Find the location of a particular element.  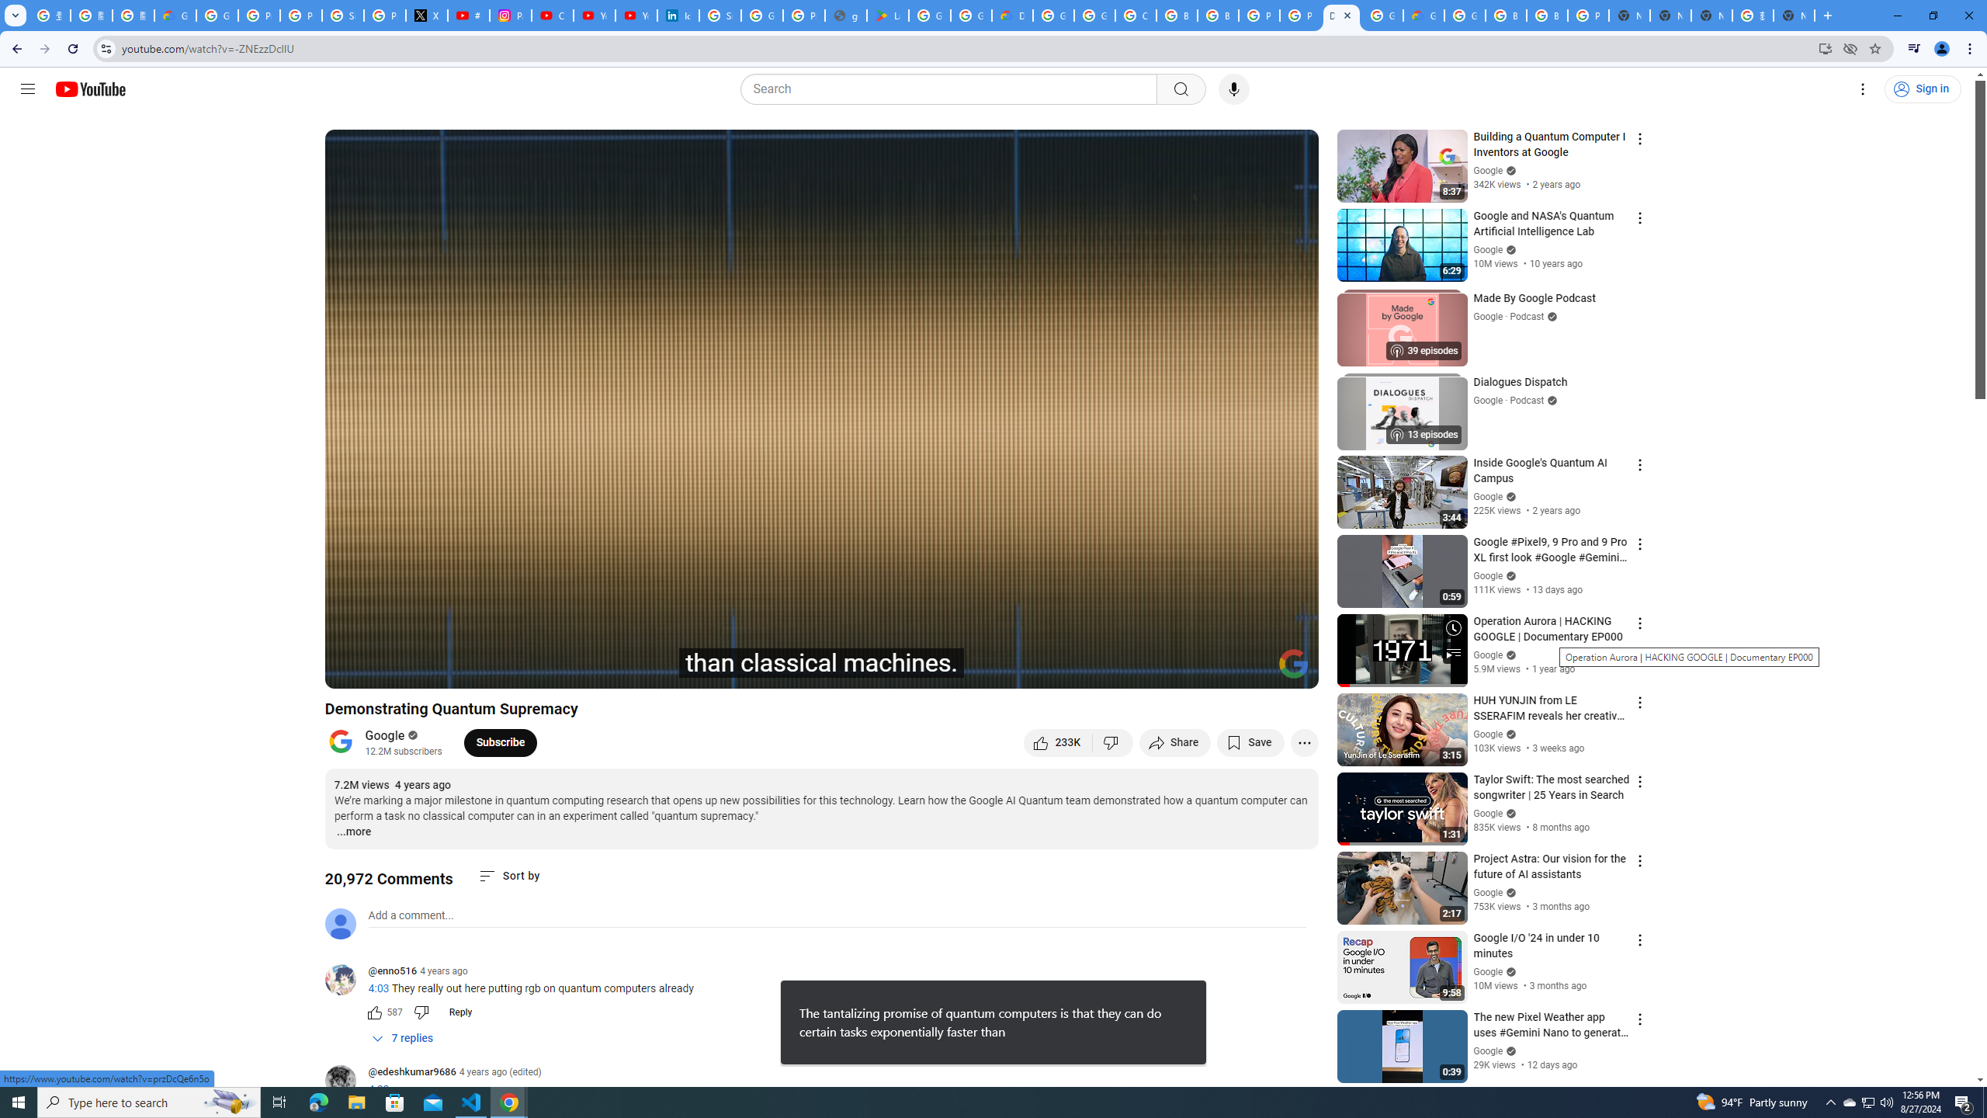

'Channel watermark' is located at coordinates (1293, 663).